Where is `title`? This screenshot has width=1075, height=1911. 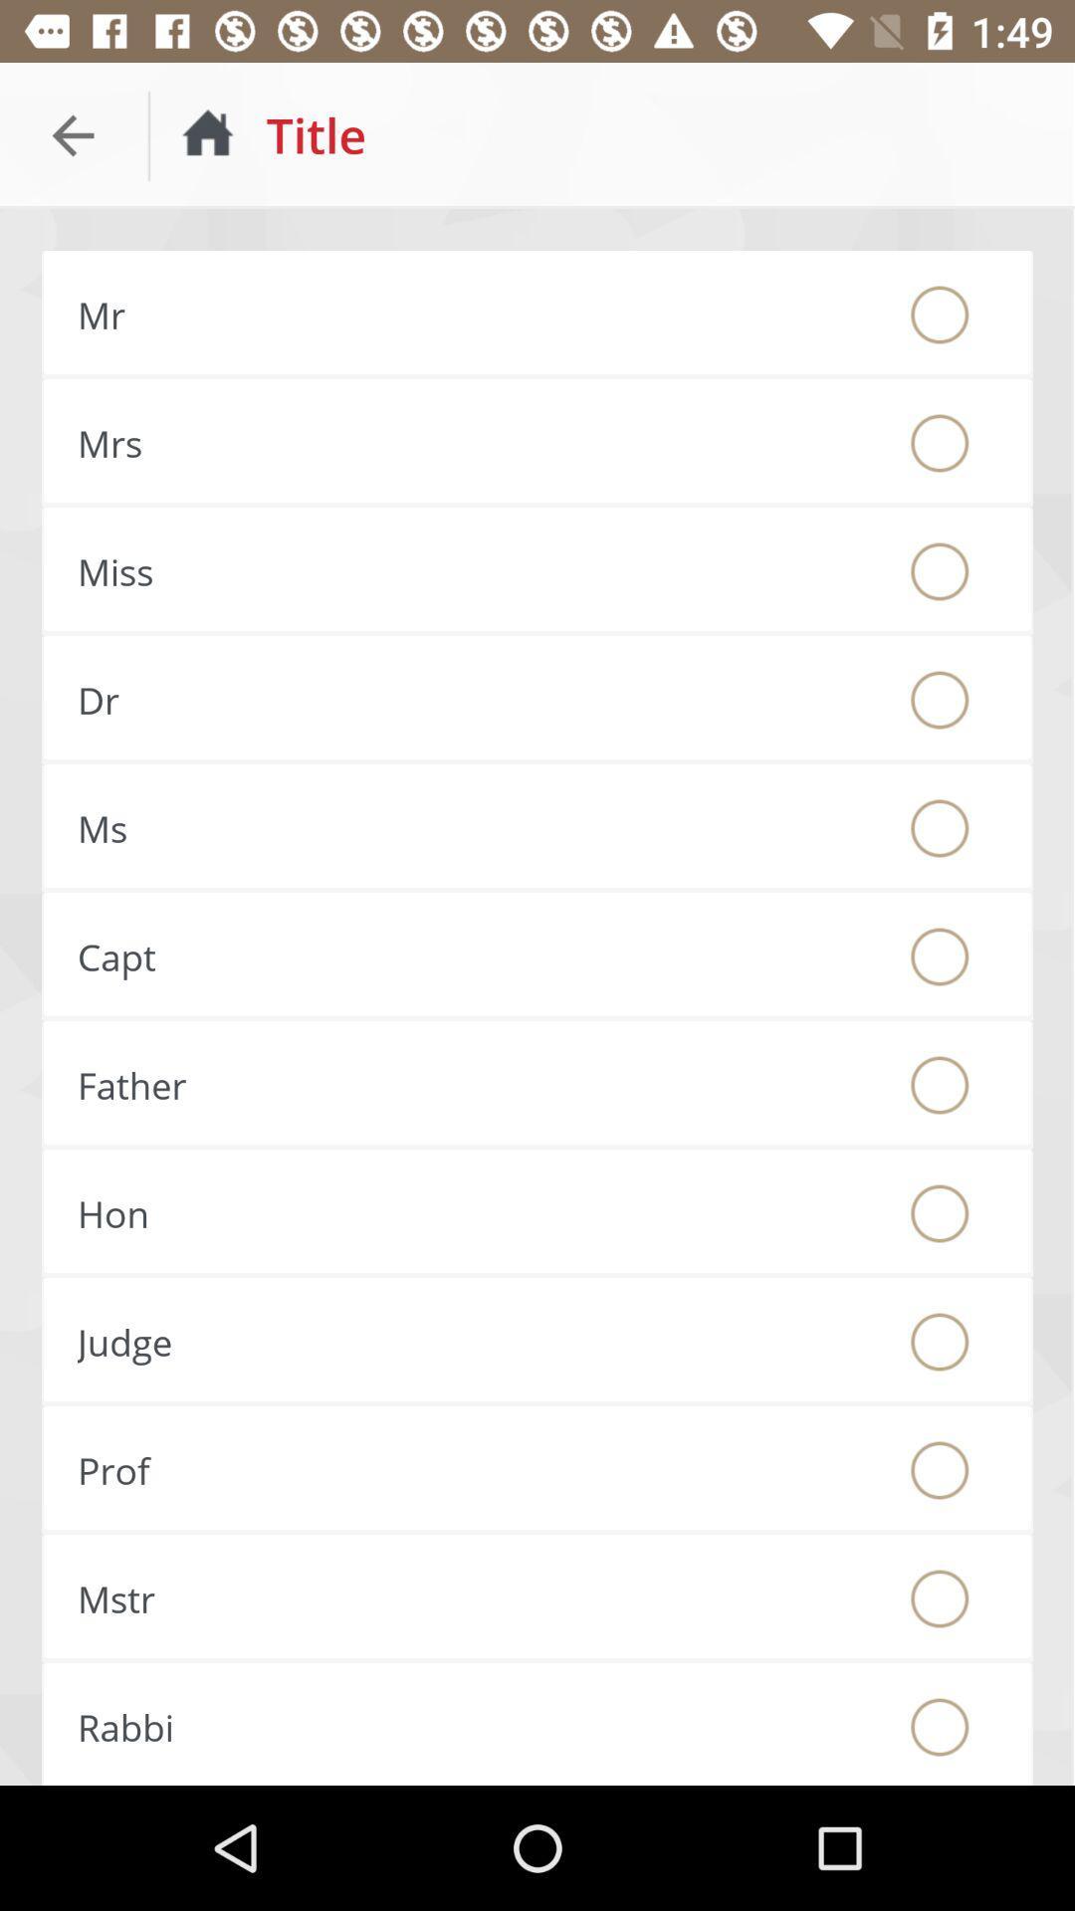 title is located at coordinates (940, 1212).